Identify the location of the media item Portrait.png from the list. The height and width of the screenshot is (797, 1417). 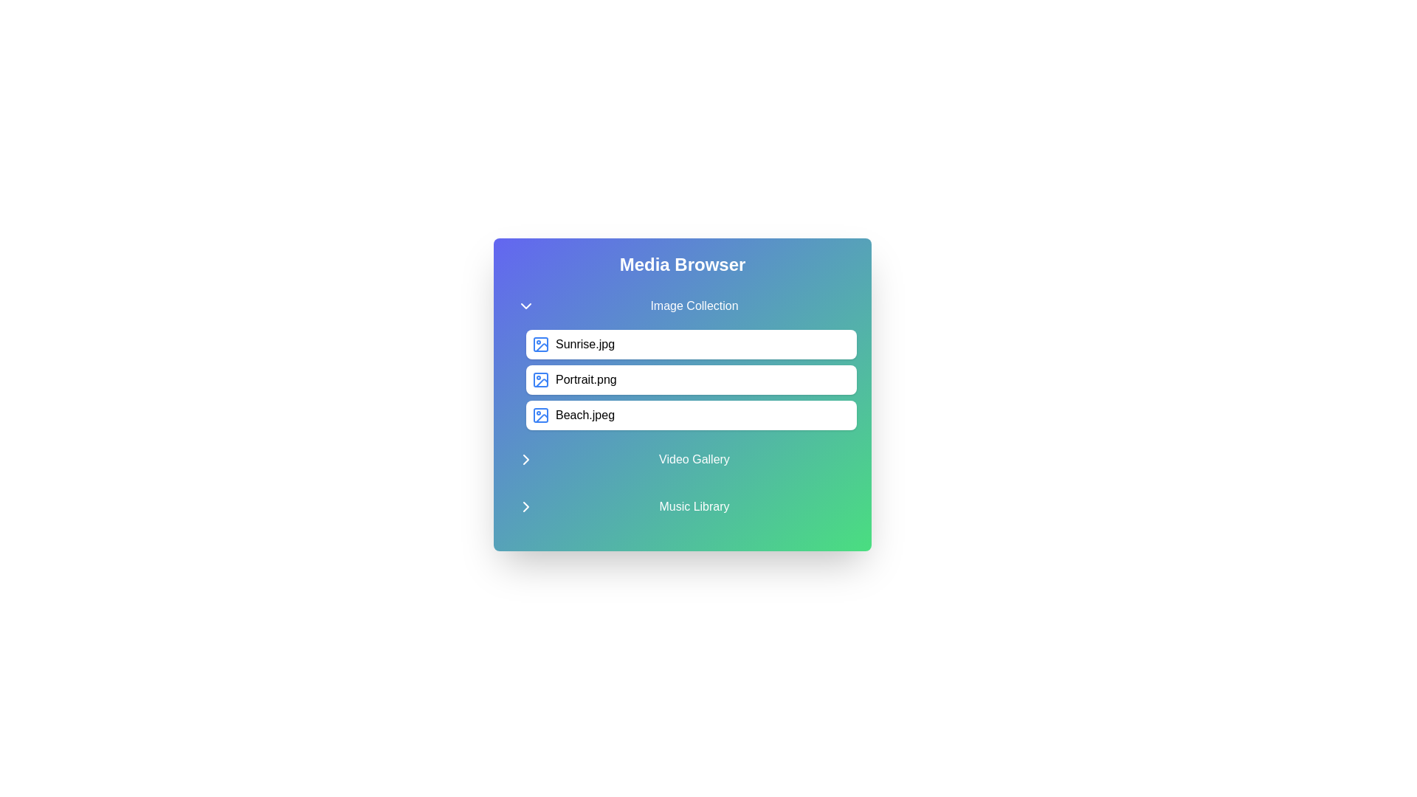
(690, 379).